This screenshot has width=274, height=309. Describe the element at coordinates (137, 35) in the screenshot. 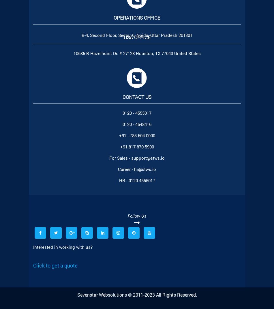

I see `'B-4, Second Floor, Sector 6, Noida, Uttar Pradesh 201301'` at that location.